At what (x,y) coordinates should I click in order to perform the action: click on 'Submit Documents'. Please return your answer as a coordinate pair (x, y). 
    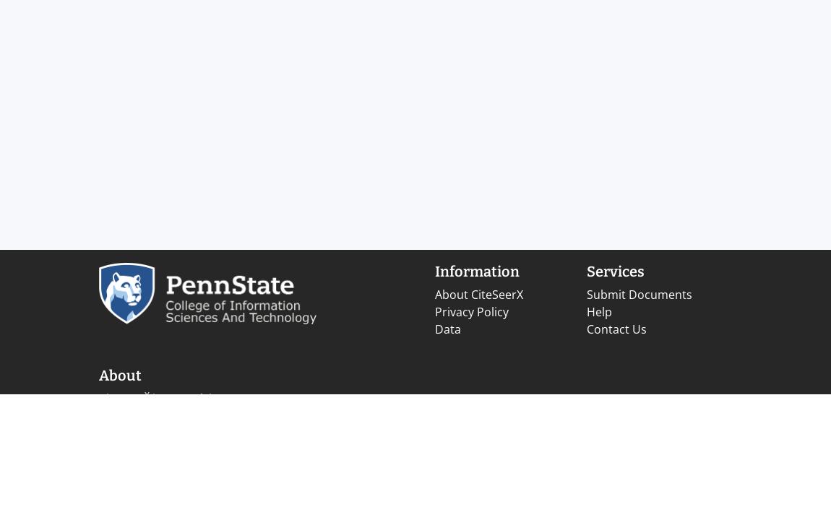
    Looking at the image, I should click on (640, 293).